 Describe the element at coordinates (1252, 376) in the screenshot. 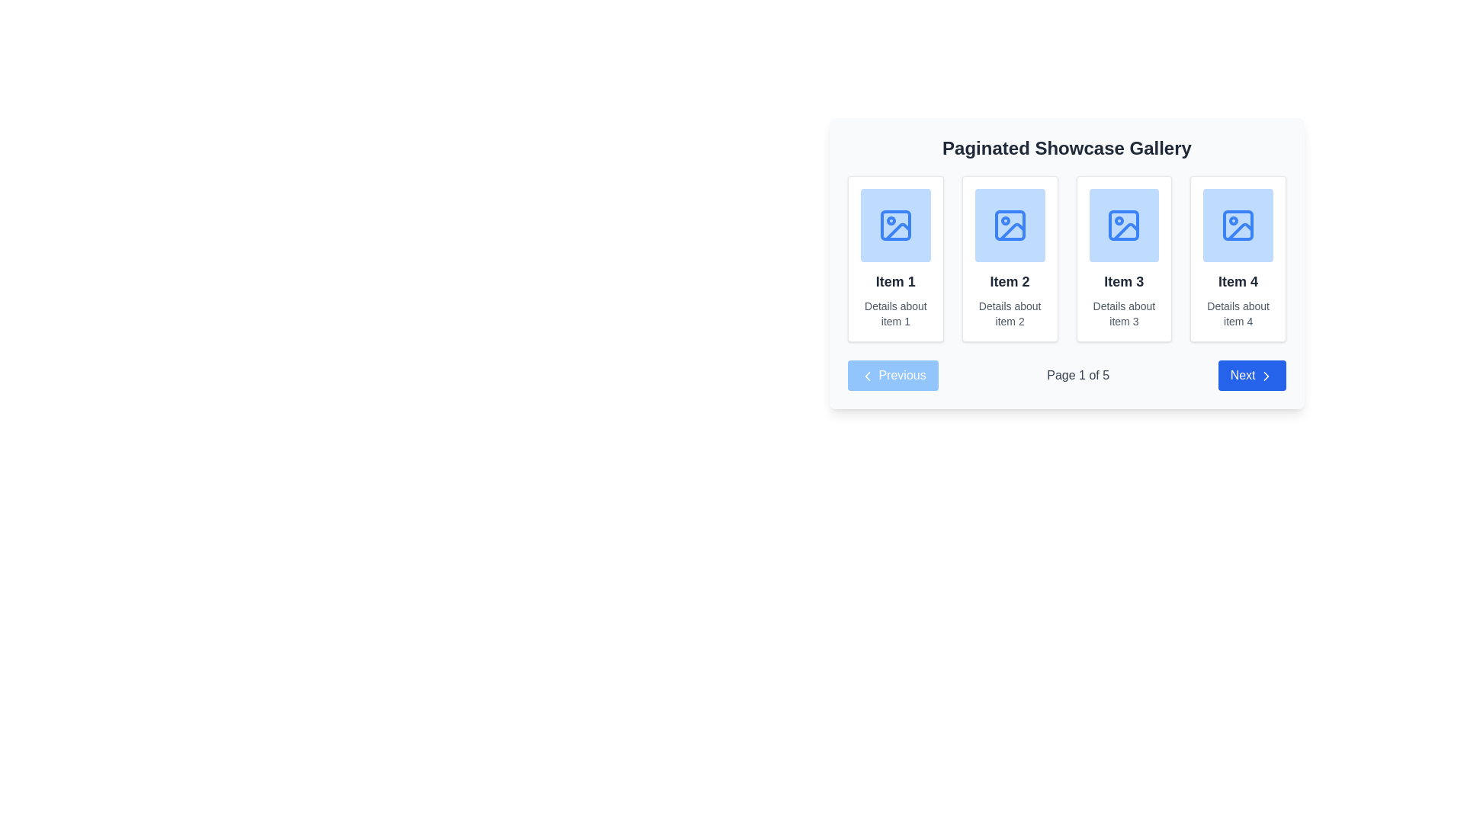

I see `the 'Next' button, which is styled with a blue background and white text, located in the navigation bar below the paginated gallery` at that location.